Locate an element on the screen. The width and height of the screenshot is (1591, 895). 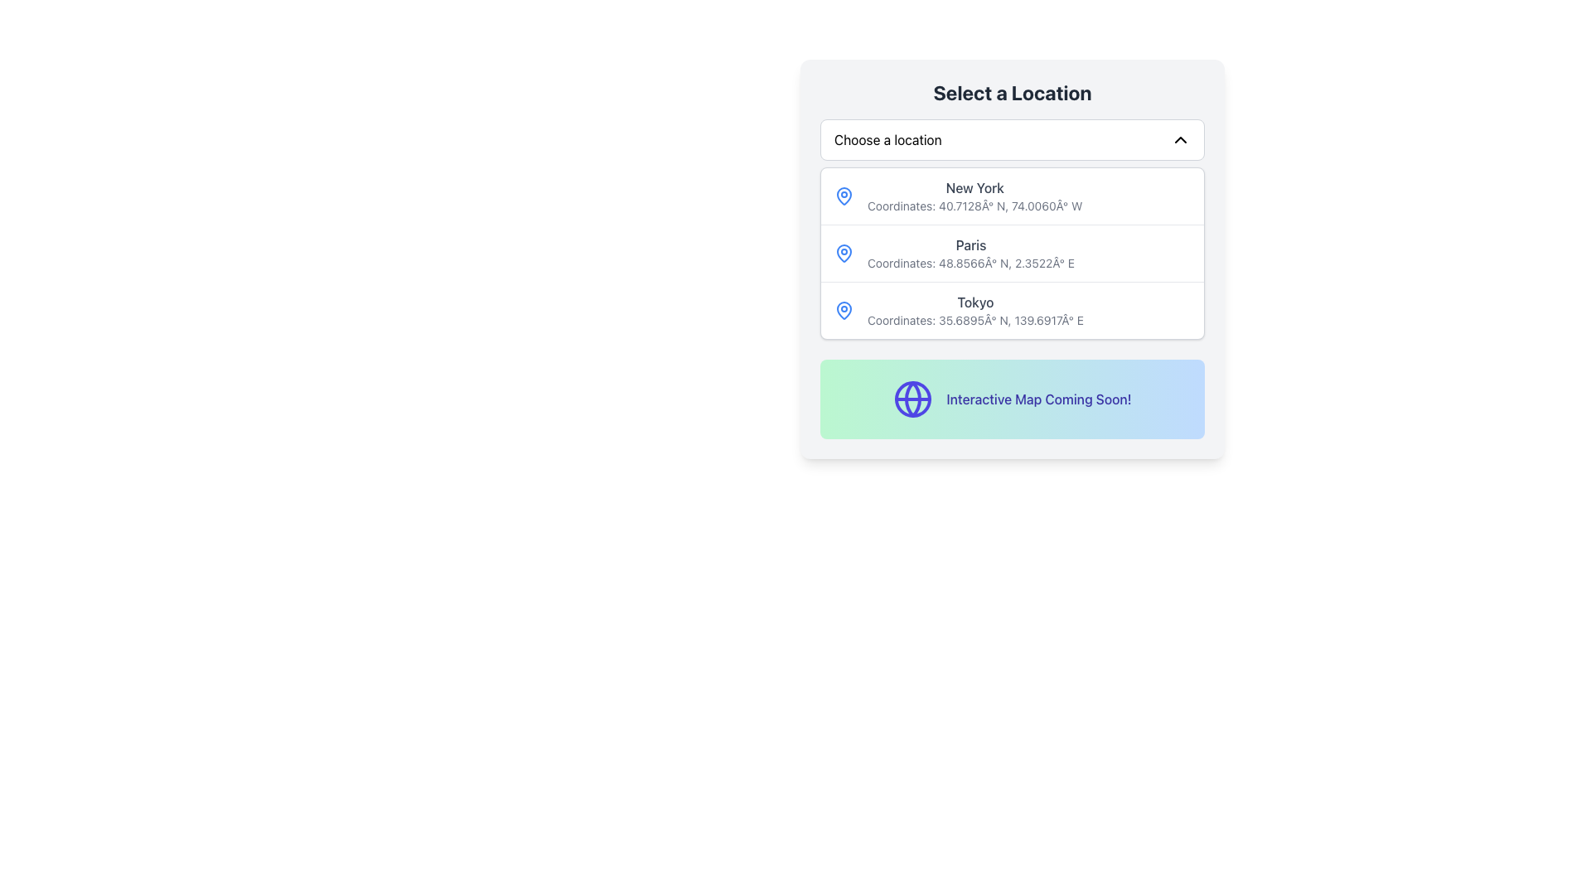
the text label displaying 'Interactive Map Coming Soon!' which is styled with indigo text color and aligned next to a globe icon is located at coordinates (1037, 399).